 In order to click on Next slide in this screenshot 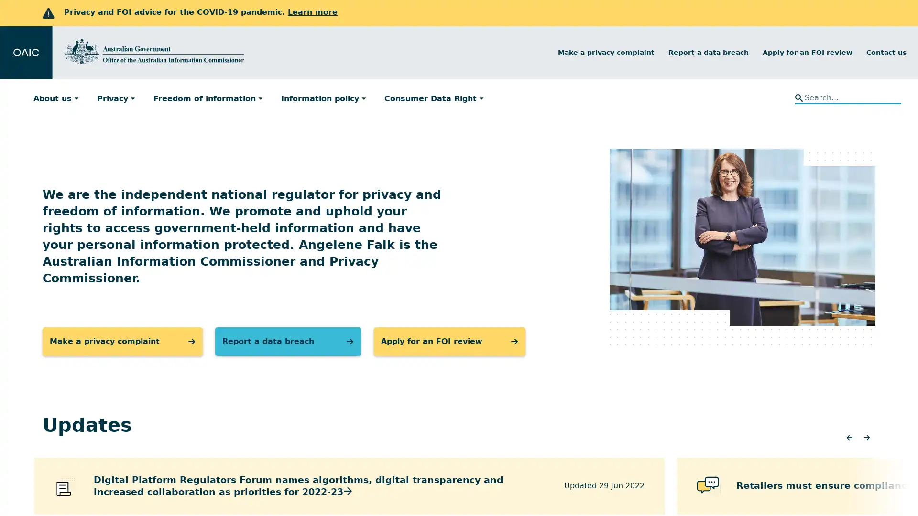, I will do `click(866, 438)`.